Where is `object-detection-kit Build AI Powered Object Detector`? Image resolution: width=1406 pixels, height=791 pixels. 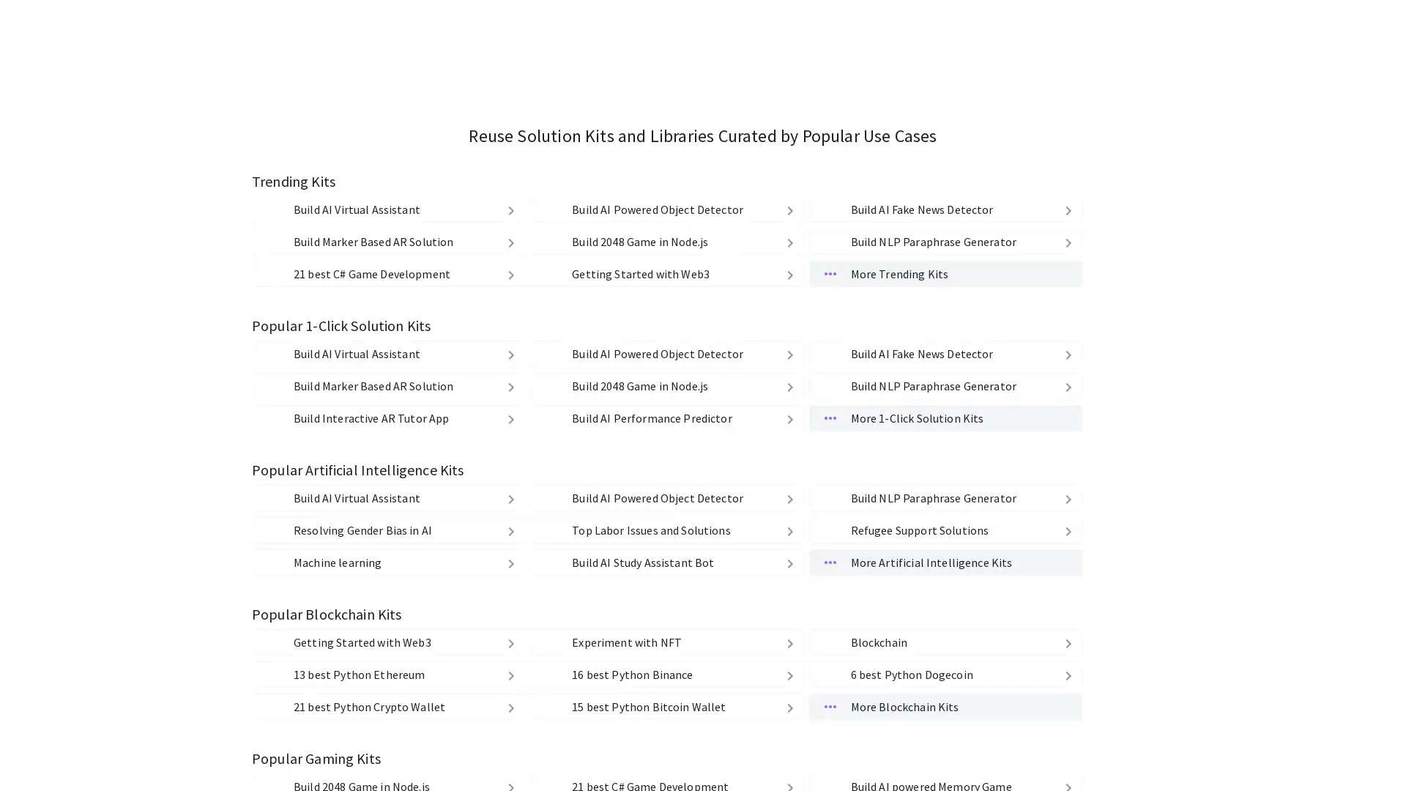 object-detection-kit Build AI Powered Object Detector is located at coordinates (666, 576).